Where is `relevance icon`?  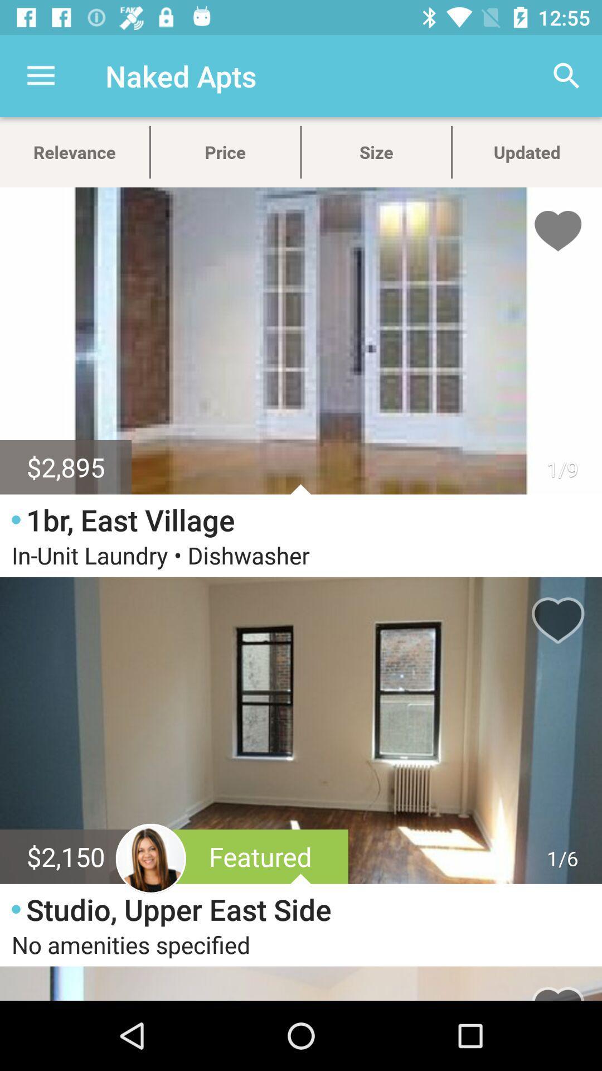 relevance icon is located at coordinates (74, 152).